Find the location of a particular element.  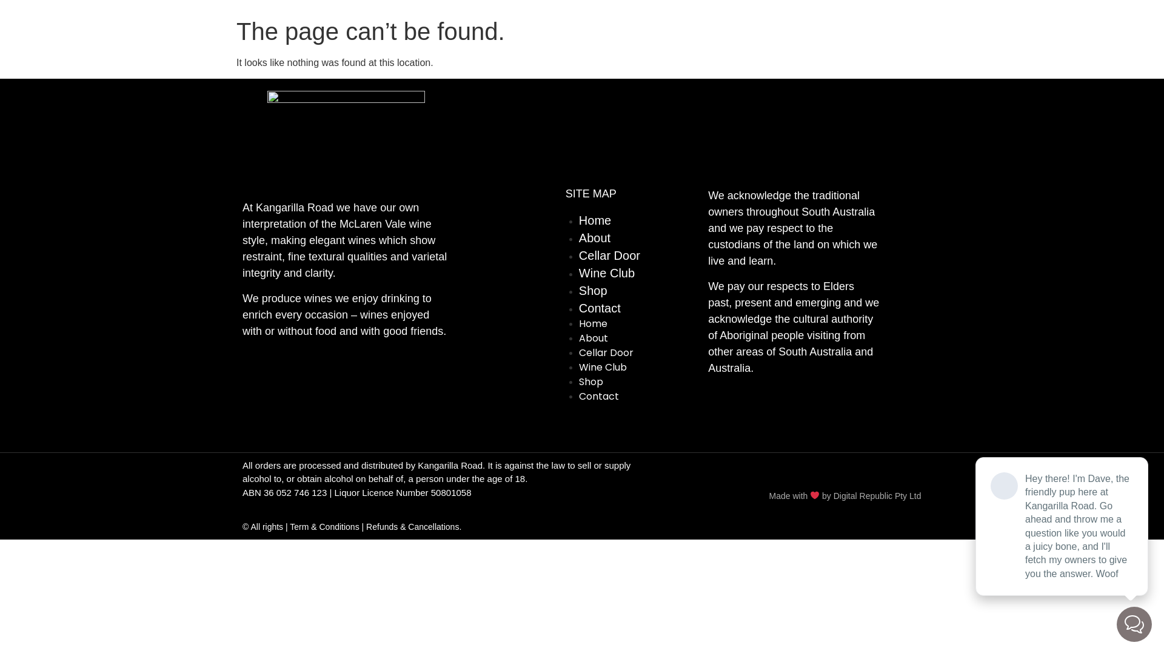

'Cellar Door' is located at coordinates (606, 352).